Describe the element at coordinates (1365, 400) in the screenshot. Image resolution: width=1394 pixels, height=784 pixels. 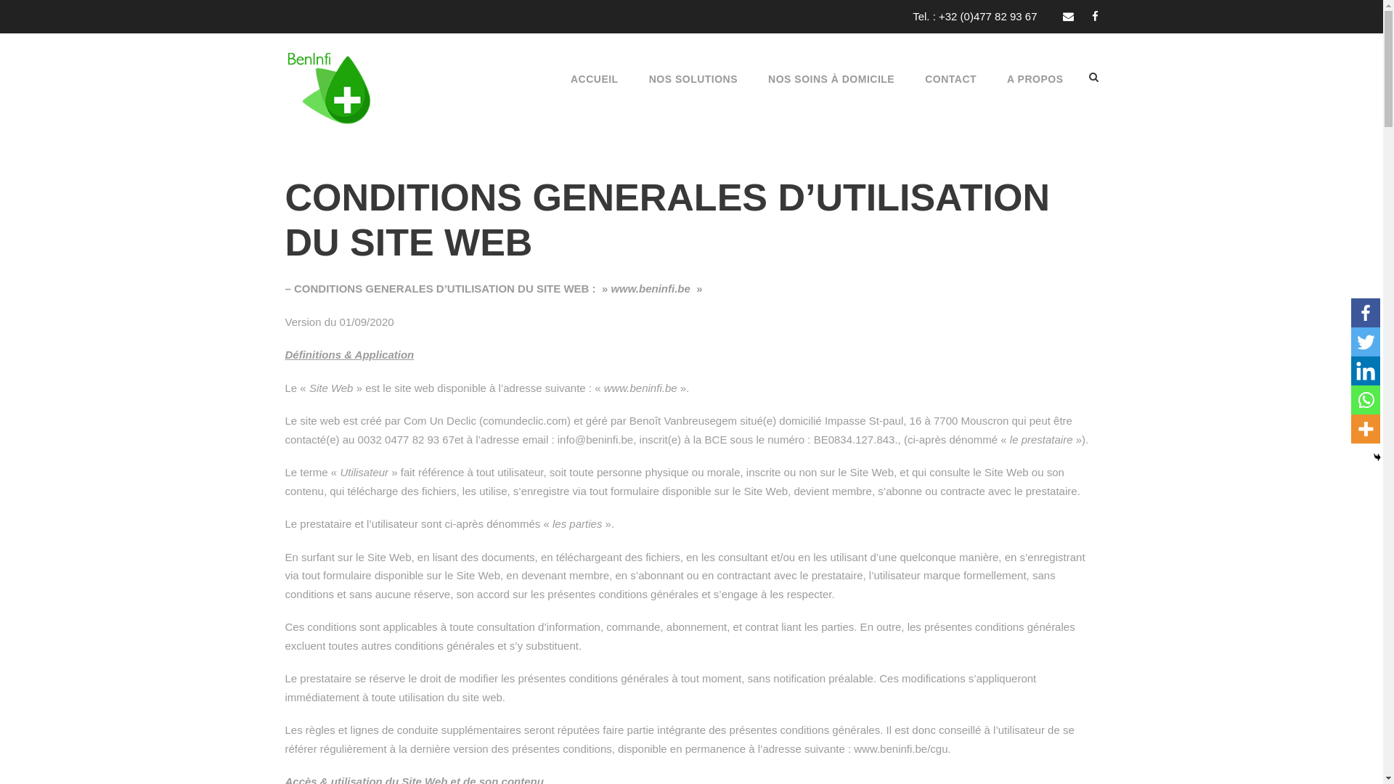
I see `'Whatsapp'` at that location.